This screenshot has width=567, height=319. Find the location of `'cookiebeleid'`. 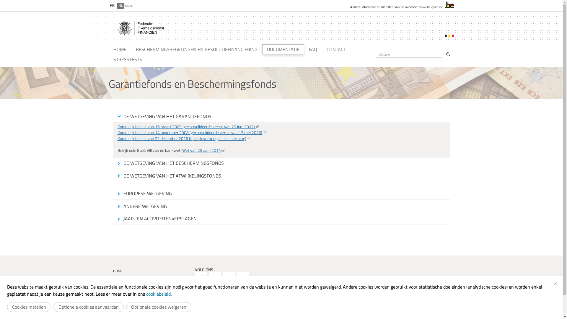

'cookiebeleid' is located at coordinates (158, 294).